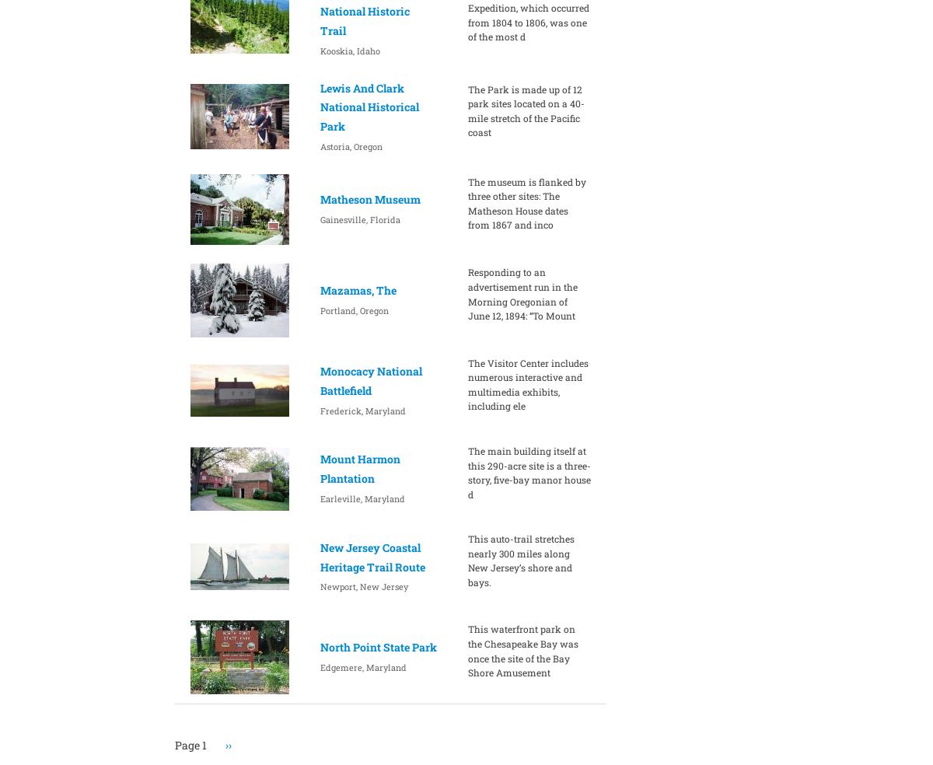  I want to click on 'North Point State Park', so click(377, 646).